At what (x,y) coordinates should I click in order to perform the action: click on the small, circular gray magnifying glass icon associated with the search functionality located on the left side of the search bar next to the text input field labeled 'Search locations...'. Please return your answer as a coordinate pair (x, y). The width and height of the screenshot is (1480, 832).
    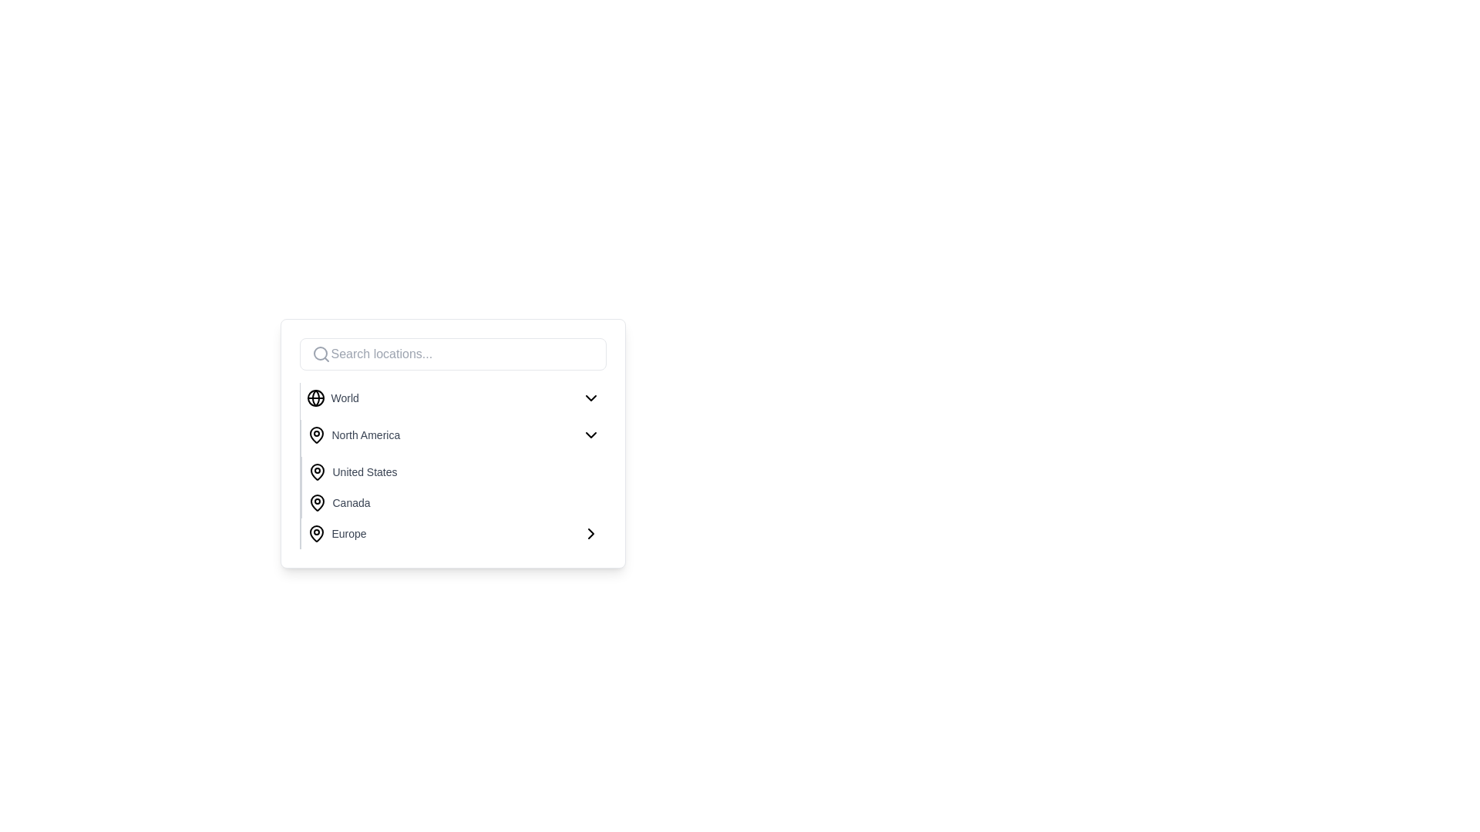
    Looking at the image, I should click on (320, 354).